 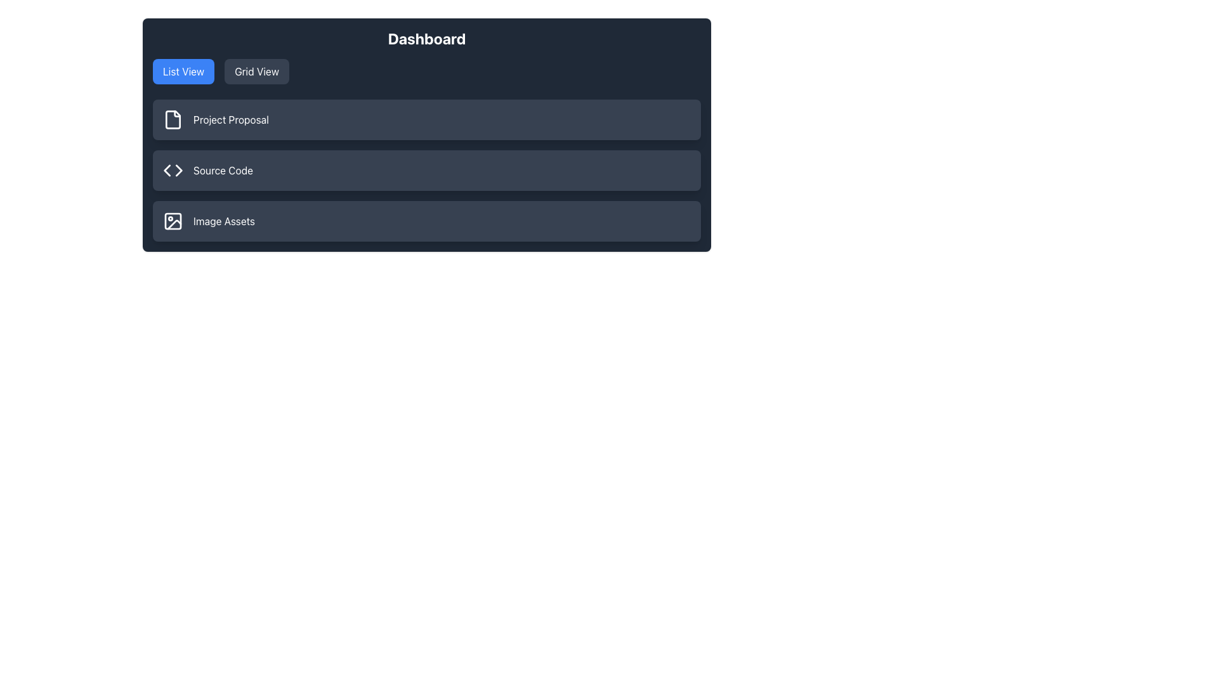 What do you see at coordinates (173, 170) in the screenshot?
I see `the design of the icon depicting a pair of angled brackets located to the left of the 'Source Code' label in the vertical list` at bounding box center [173, 170].